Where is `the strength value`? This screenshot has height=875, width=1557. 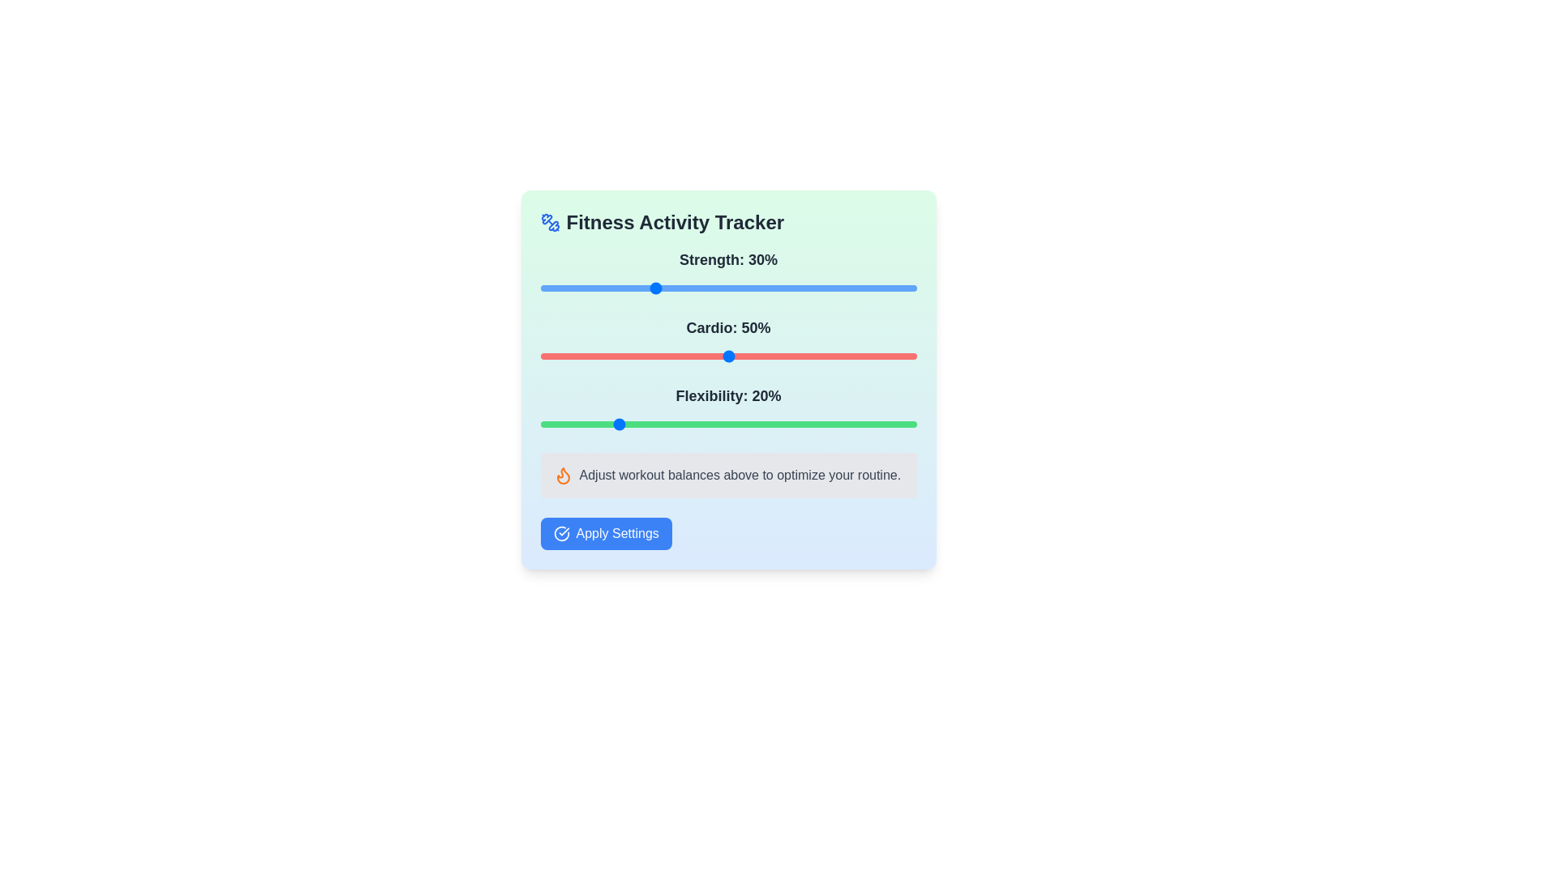
the strength value is located at coordinates (754, 287).